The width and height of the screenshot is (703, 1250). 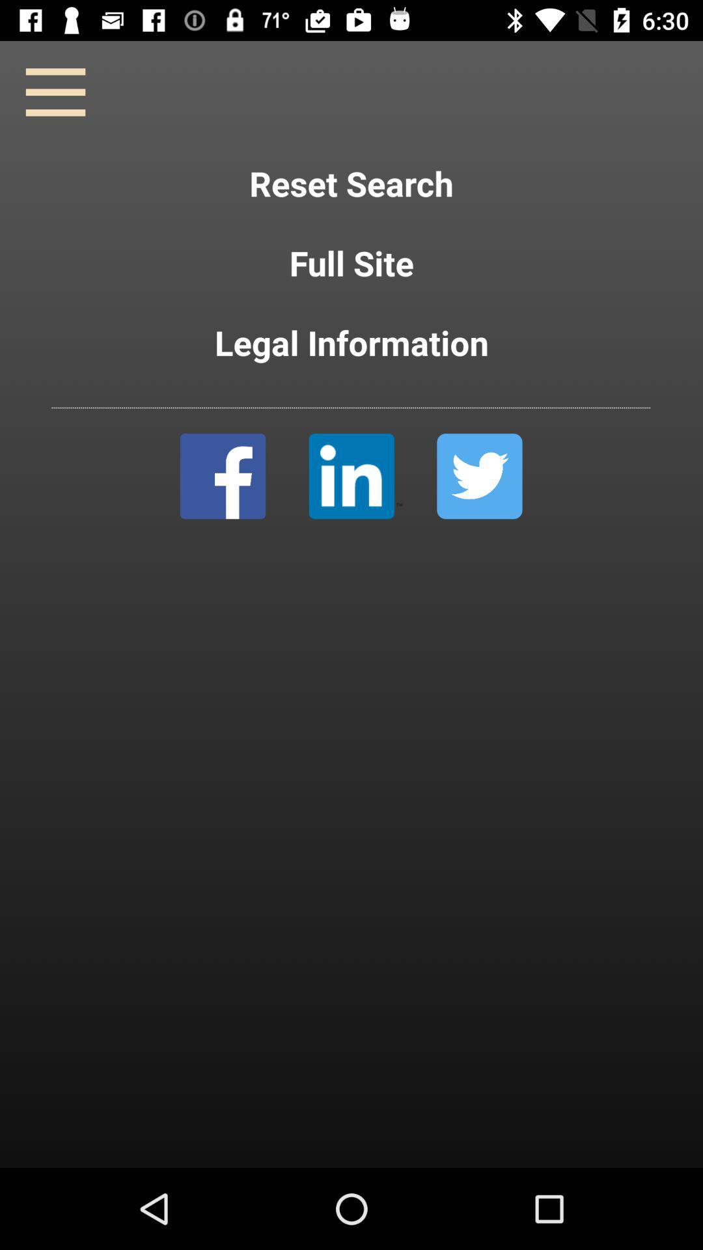 What do you see at coordinates (479, 475) in the screenshot?
I see `twitter` at bounding box center [479, 475].